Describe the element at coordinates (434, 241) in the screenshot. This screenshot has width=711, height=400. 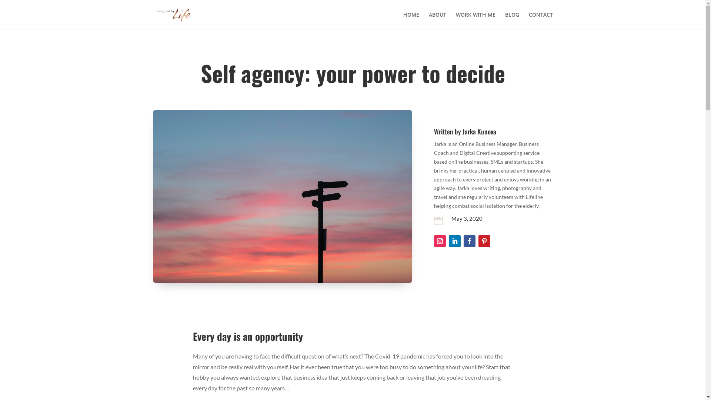
I see `'Follow on Instagram'` at that location.